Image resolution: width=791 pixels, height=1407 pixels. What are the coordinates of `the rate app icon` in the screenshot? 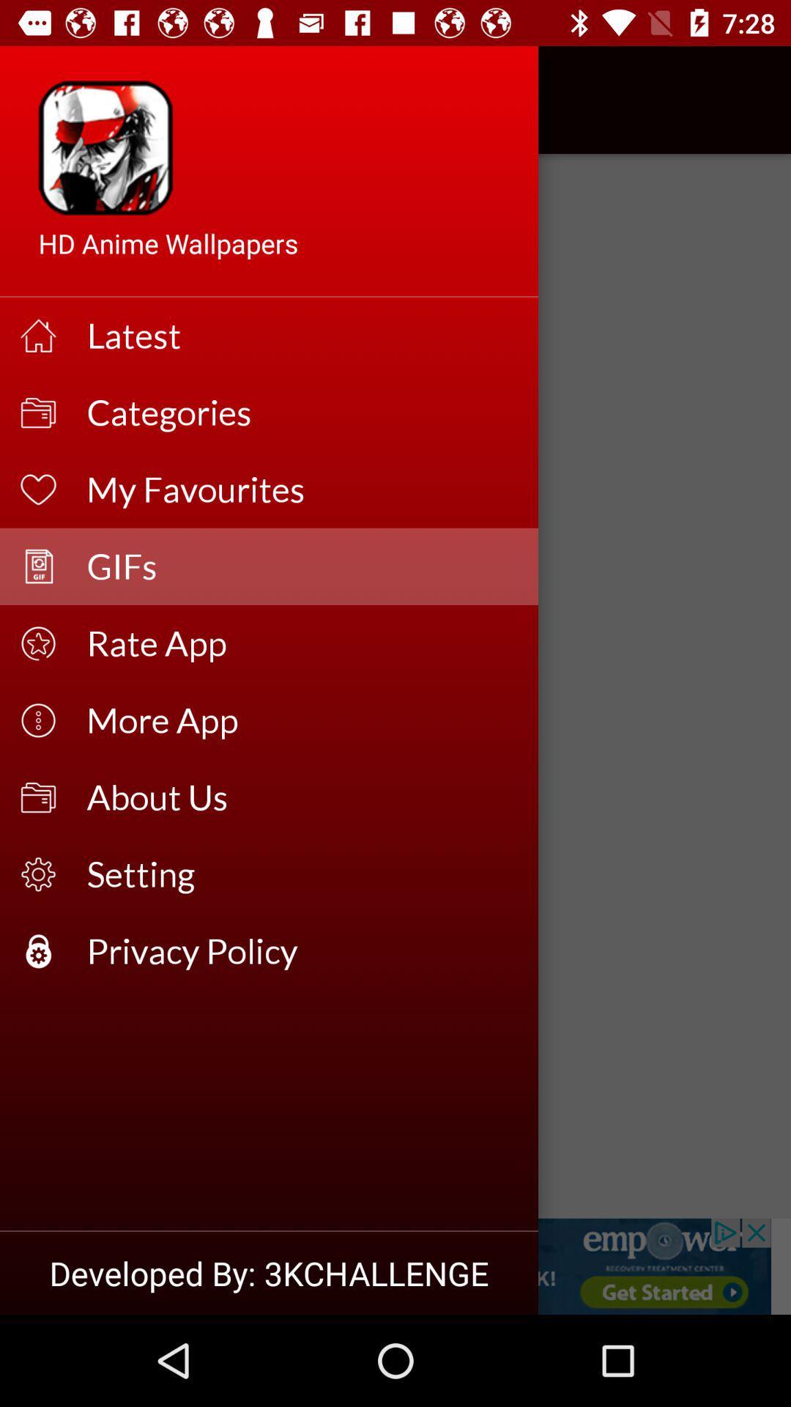 It's located at (302, 643).